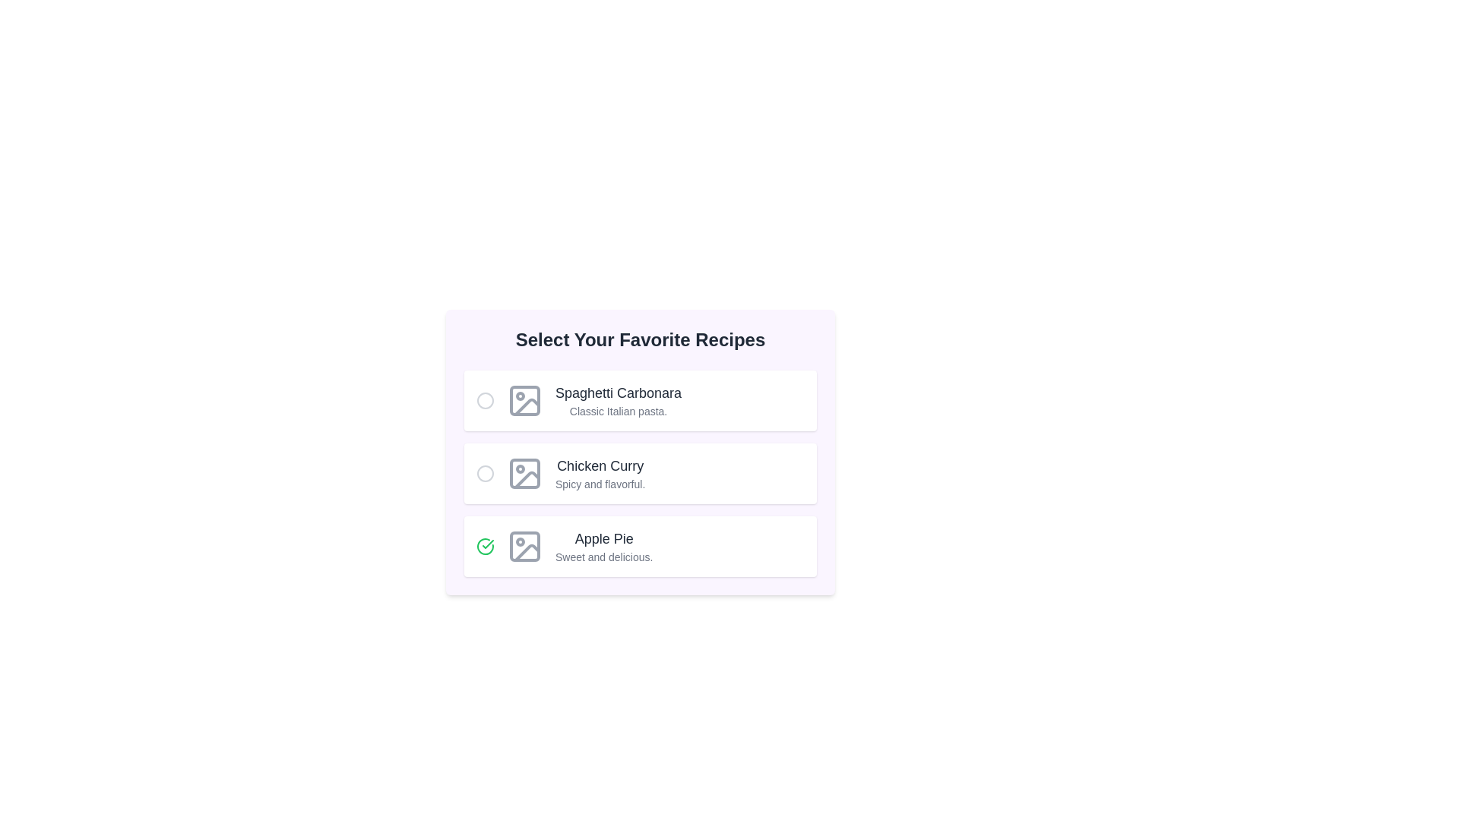  I want to click on the recipe identified by its name Chicken Curry, so click(484, 473).